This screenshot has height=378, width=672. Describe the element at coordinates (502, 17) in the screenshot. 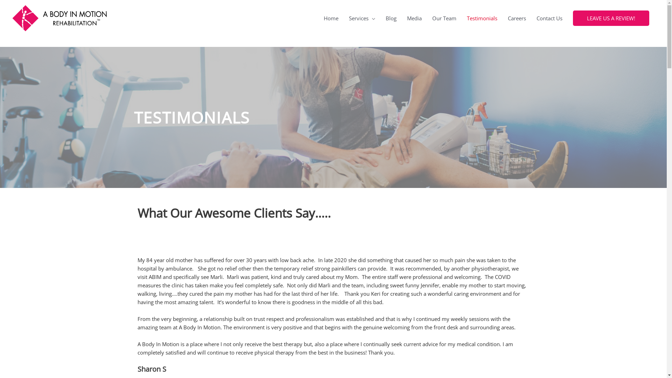

I see `'Careers'` at that location.